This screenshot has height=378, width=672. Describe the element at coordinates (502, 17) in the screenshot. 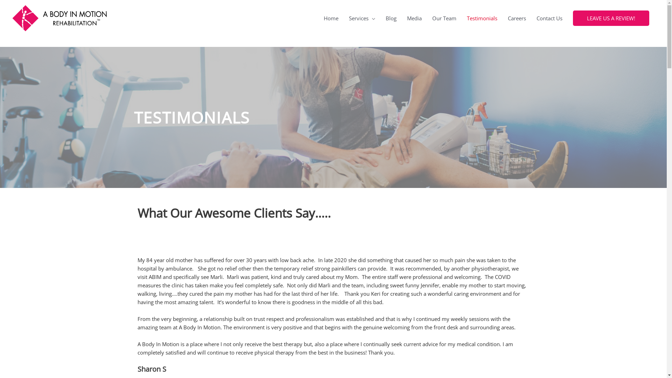

I see `'Careers'` at that location.